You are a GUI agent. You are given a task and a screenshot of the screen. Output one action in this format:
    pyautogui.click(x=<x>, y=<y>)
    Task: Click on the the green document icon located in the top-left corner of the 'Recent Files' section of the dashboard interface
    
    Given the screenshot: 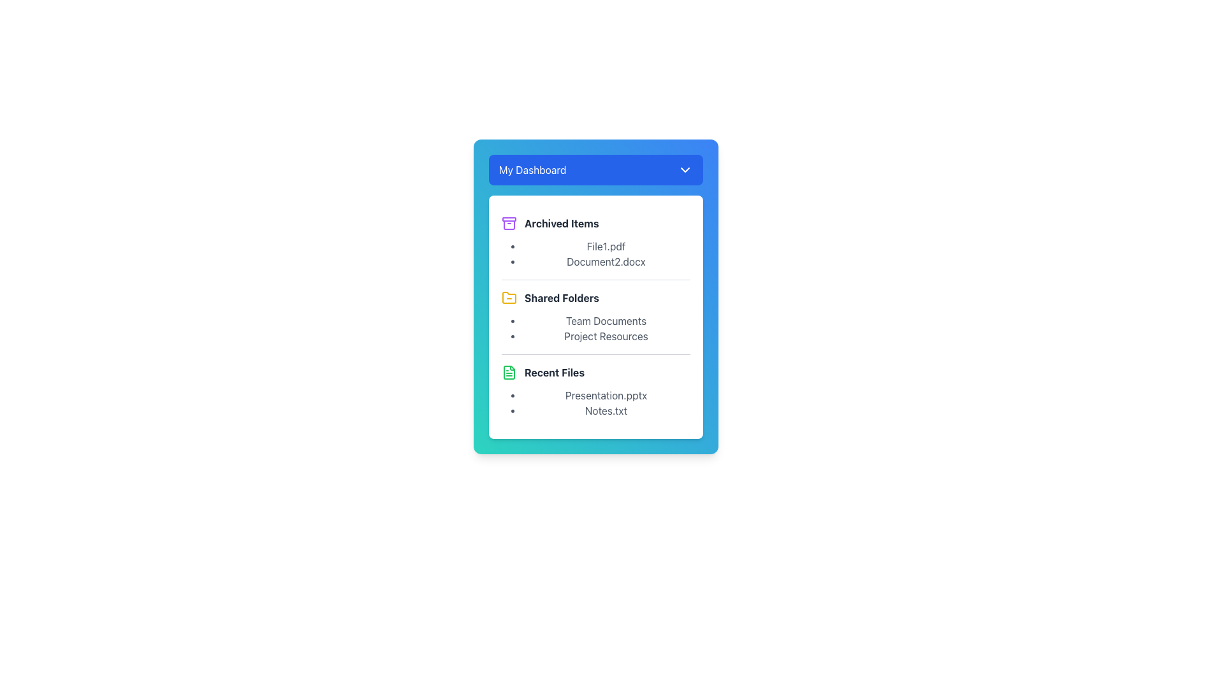 What is the action you would take?
    pyautogui.click(x=508, y=373)
    